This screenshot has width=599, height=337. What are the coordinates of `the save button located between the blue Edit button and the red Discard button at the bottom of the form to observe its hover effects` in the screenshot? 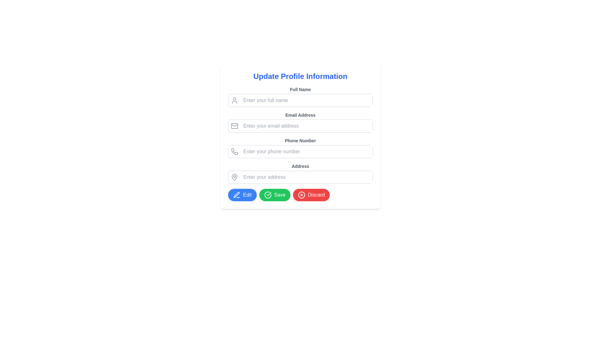 It's located at (275, 194).